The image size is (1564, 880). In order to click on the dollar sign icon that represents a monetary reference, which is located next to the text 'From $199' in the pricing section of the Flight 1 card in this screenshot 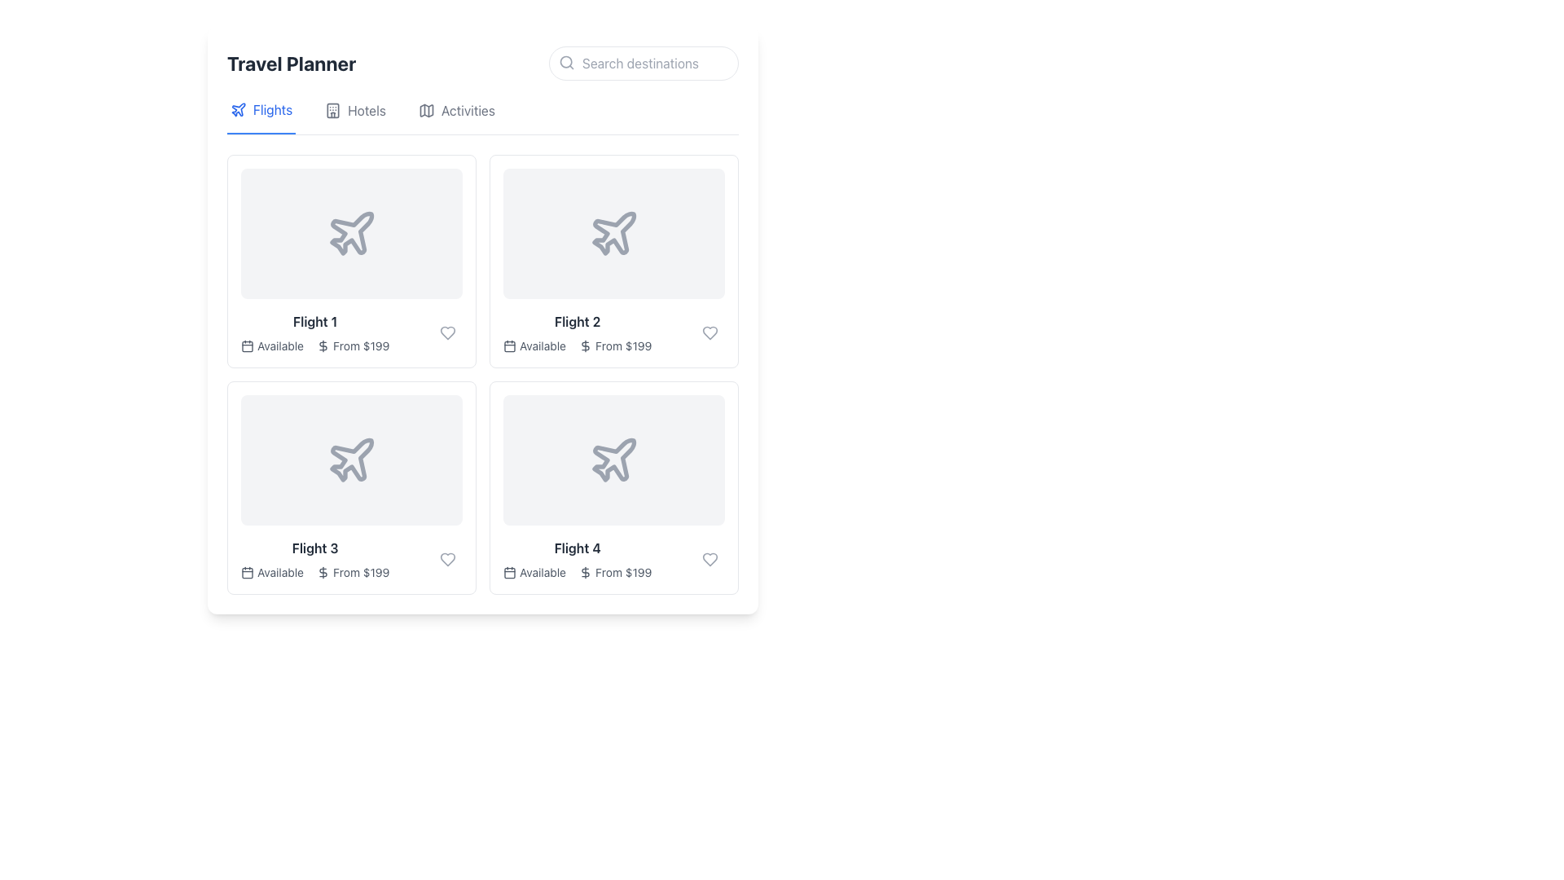, I will do `click(323, 345)`.